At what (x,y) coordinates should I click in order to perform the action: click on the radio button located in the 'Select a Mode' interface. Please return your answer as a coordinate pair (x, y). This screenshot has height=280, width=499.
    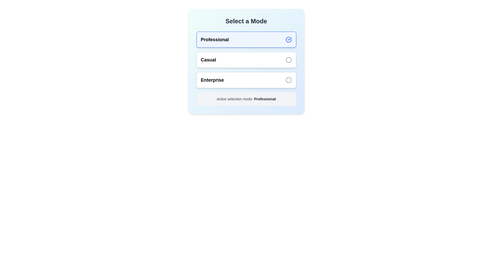
    Looking at the image, I should click on (288, 80).